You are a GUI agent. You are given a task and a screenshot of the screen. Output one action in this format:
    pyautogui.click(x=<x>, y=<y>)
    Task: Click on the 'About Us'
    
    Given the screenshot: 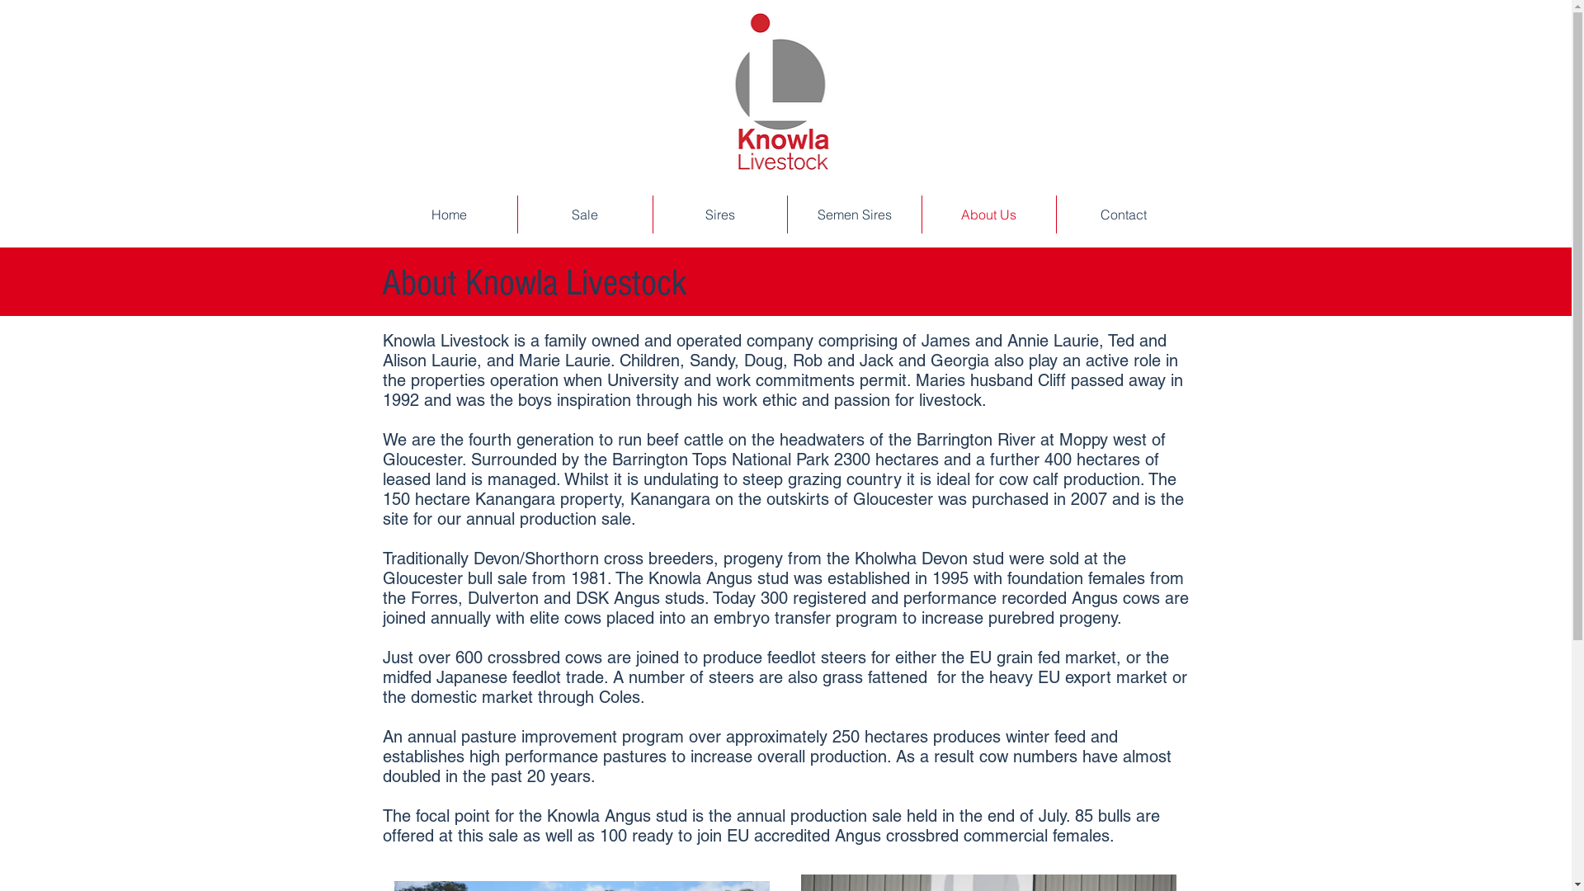 What is the action you would take?
    pyautogui.click(x=989, y=213)
    